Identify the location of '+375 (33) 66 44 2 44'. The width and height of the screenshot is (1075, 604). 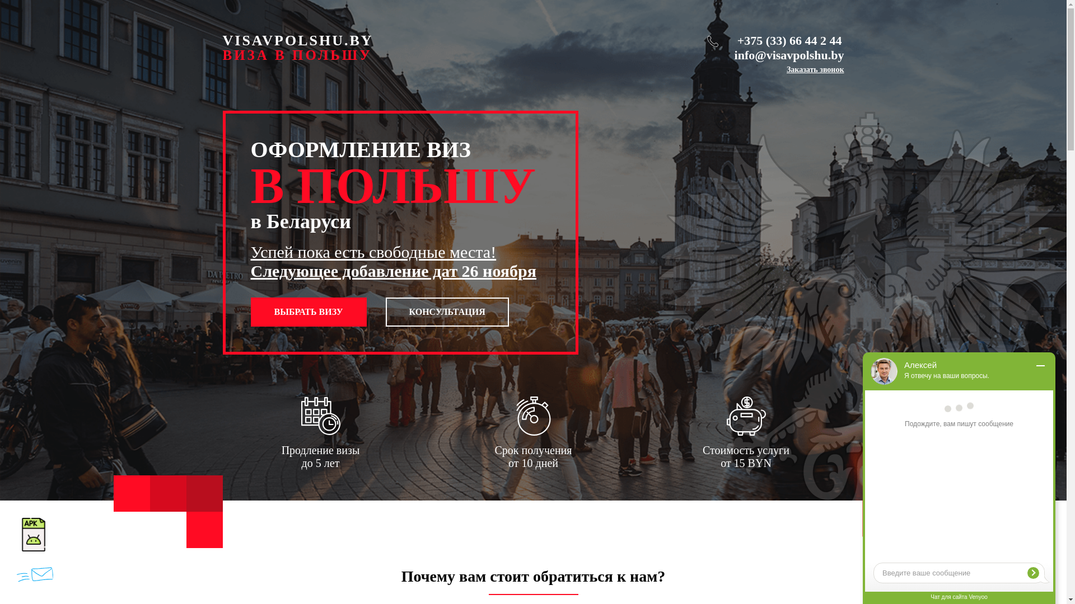
(789, 40).